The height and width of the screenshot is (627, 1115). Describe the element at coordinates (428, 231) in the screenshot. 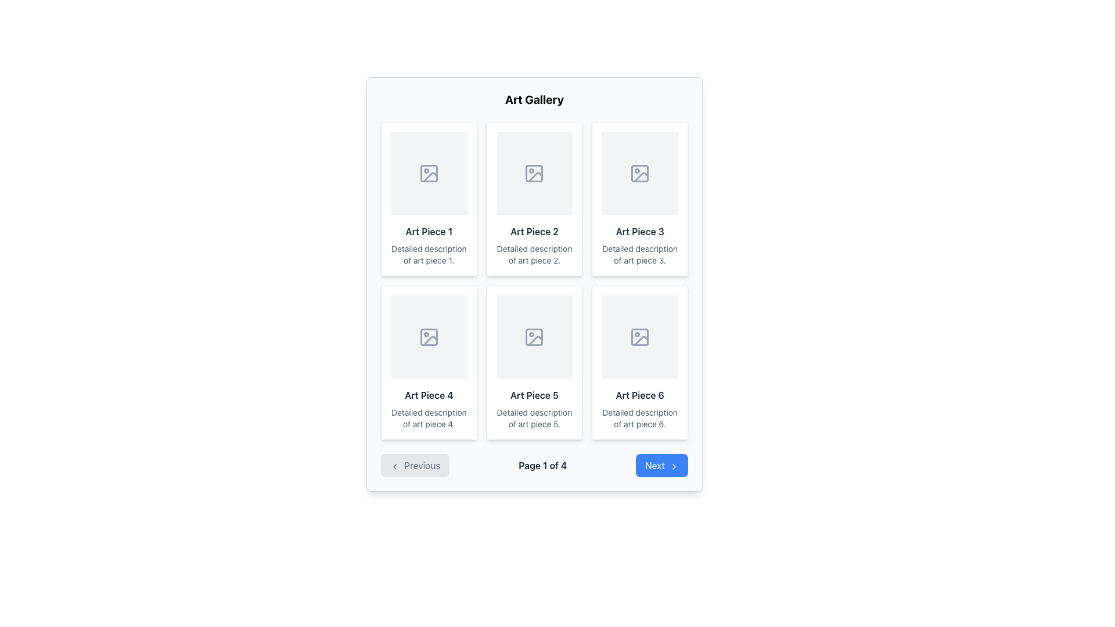

I see `static text label displaying the title of the art piece located in the top-left corner of the grid layout, part of an individual card in the gallery` at that location.